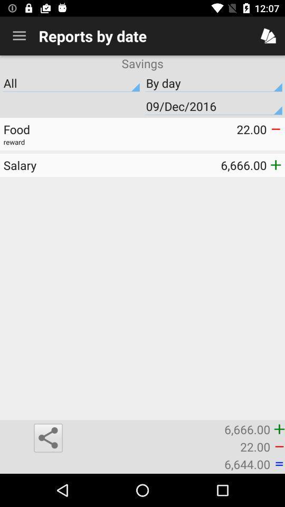  What do you see at coordinates (19, 36) in the screenshot?
I see `the icon above savings item` at bounding box center [19, 36].